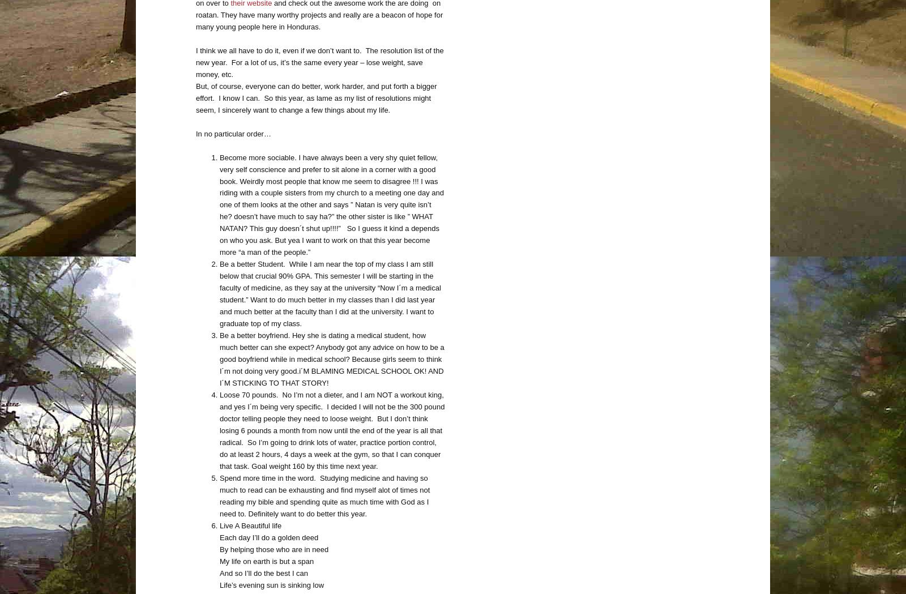 The width and height of the screenshot is (906, 594). What do you see at coordinates (331, 359) in the screenshot?
I see `'Be a better boyfriend. Hey she is dating a medical student, how much better can she expect? Anybody got any advice on how to be a good boyfriend while in medical school? Because girls seem to think I´m not doing very good.i´M BLAMING MEDICAL SCHOOL OK! AND I´M STICKING TO THAT STORY!'` at bounding box center [331, 359].